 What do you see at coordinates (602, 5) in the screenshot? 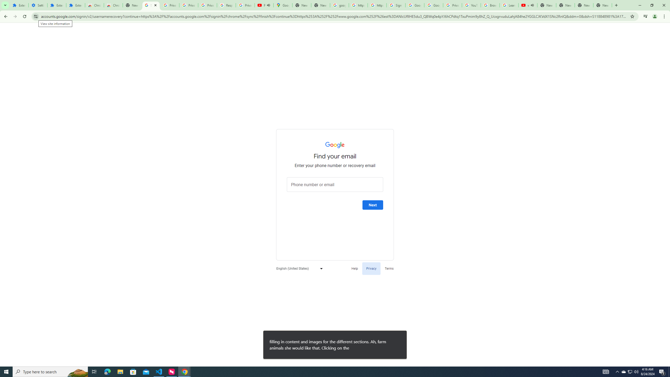
I see `'New Tab'` at bounding box center [602, 5].